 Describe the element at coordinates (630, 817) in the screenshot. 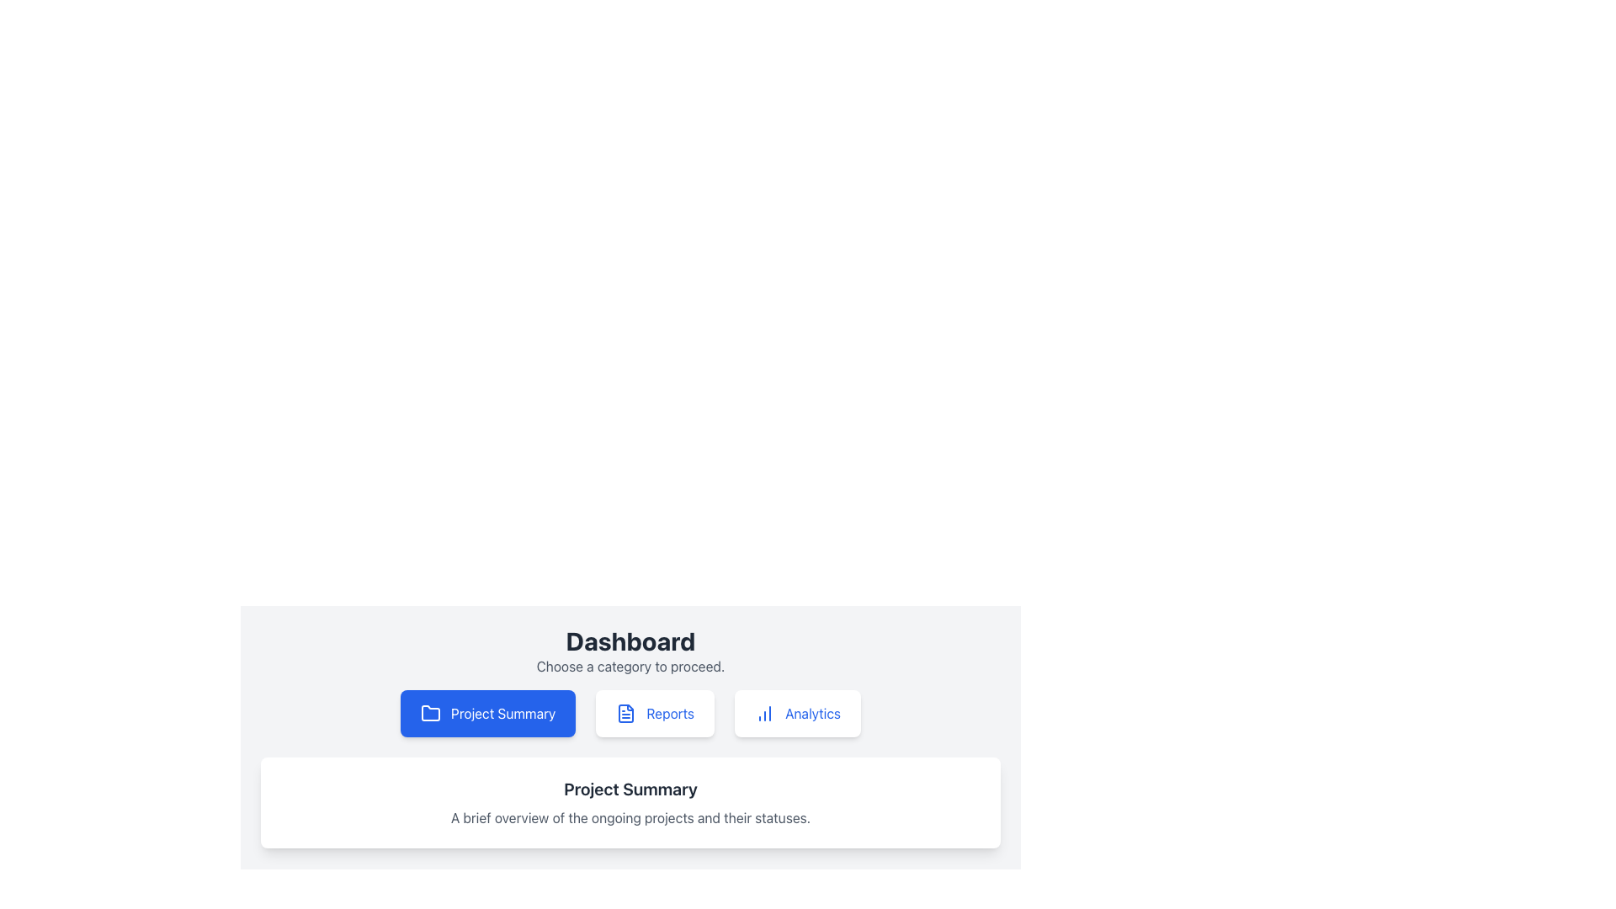

I see `text content from the text block displaying 'A brief overview of the ongoing projects and their statuses.' which is styled with a smaller font size and gray color, located below the 'Project Summary' header` at that location.